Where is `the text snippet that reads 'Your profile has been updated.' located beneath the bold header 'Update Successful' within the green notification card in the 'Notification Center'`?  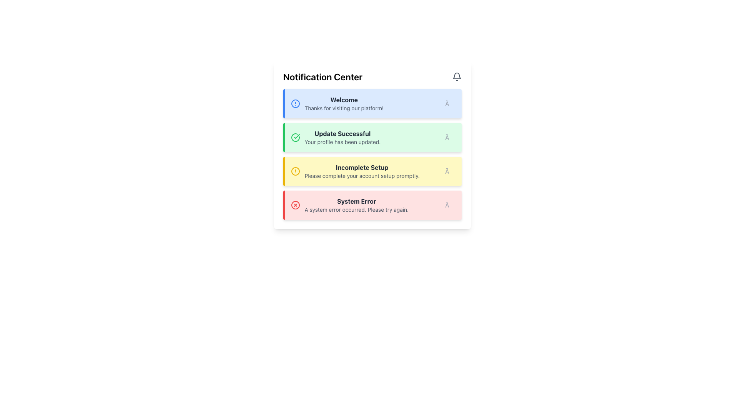 the text snippet that reads 'Your profile has been updated.' located beneath the bold header 'Update Successful' within the green notification card in the 'Notification Center' is located at coordinates (342, 142).